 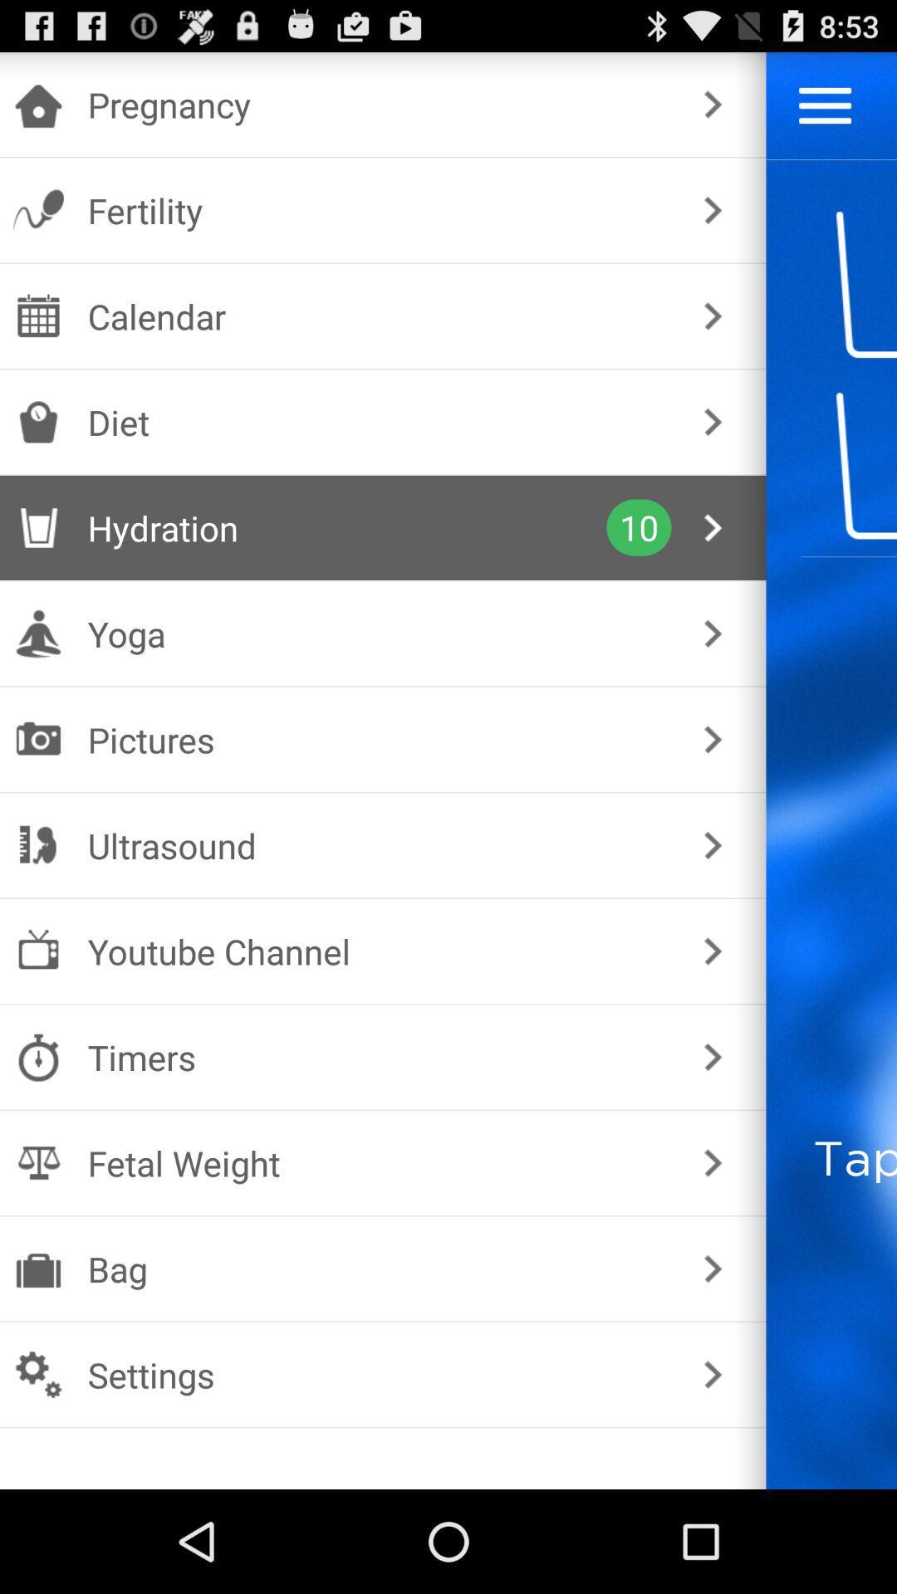 I want to click on fertility icon, so click(x=380, y=209).